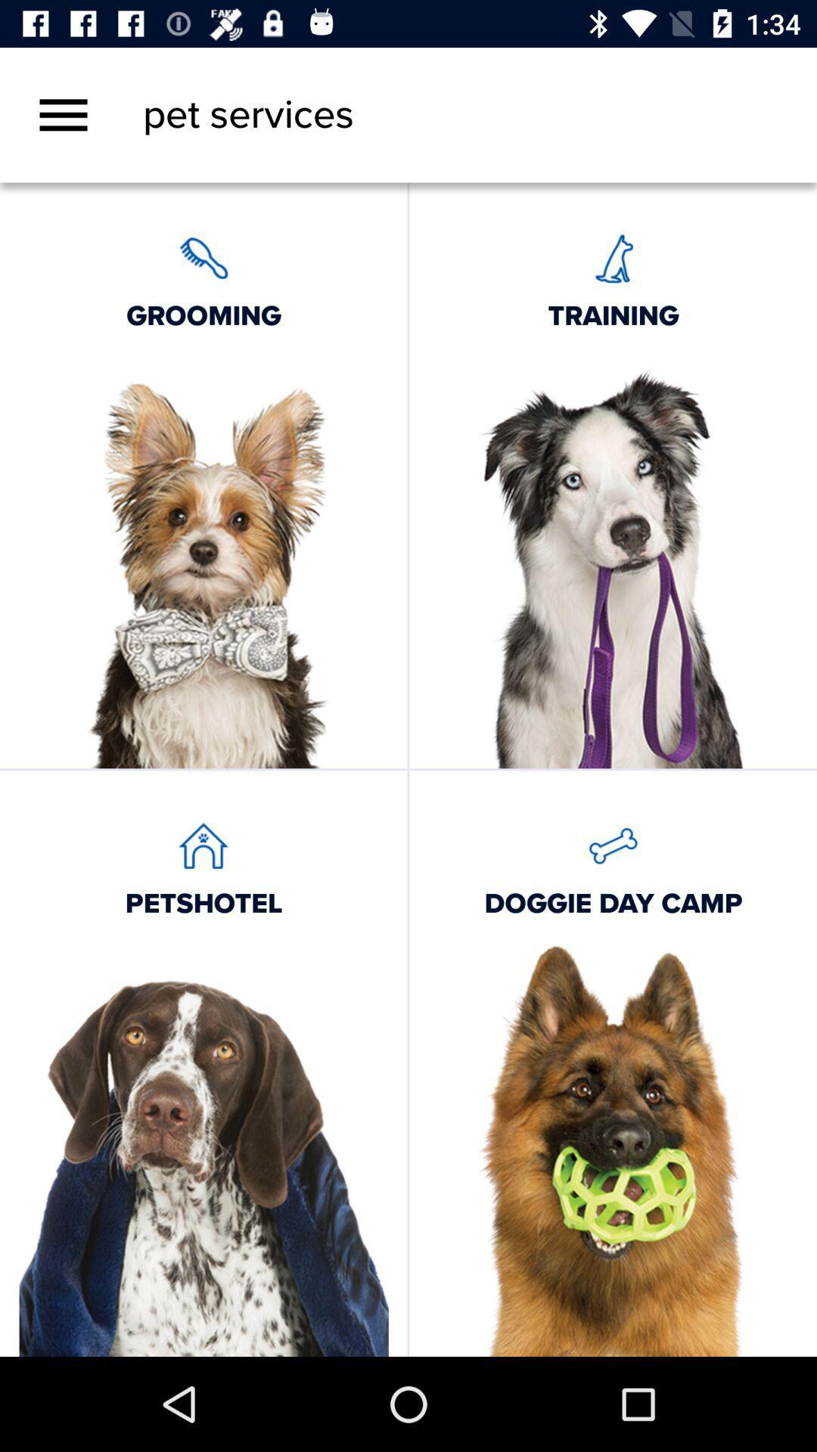  Describe the element at coordinates (63, 114) in the screenshot. I see `item next to the pet services item` at that location.